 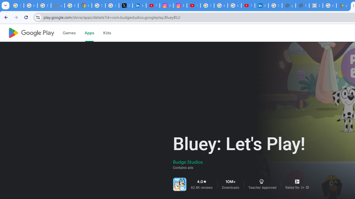 I want to click on 'support.google.com - Network error', so click(x=58, y=6).